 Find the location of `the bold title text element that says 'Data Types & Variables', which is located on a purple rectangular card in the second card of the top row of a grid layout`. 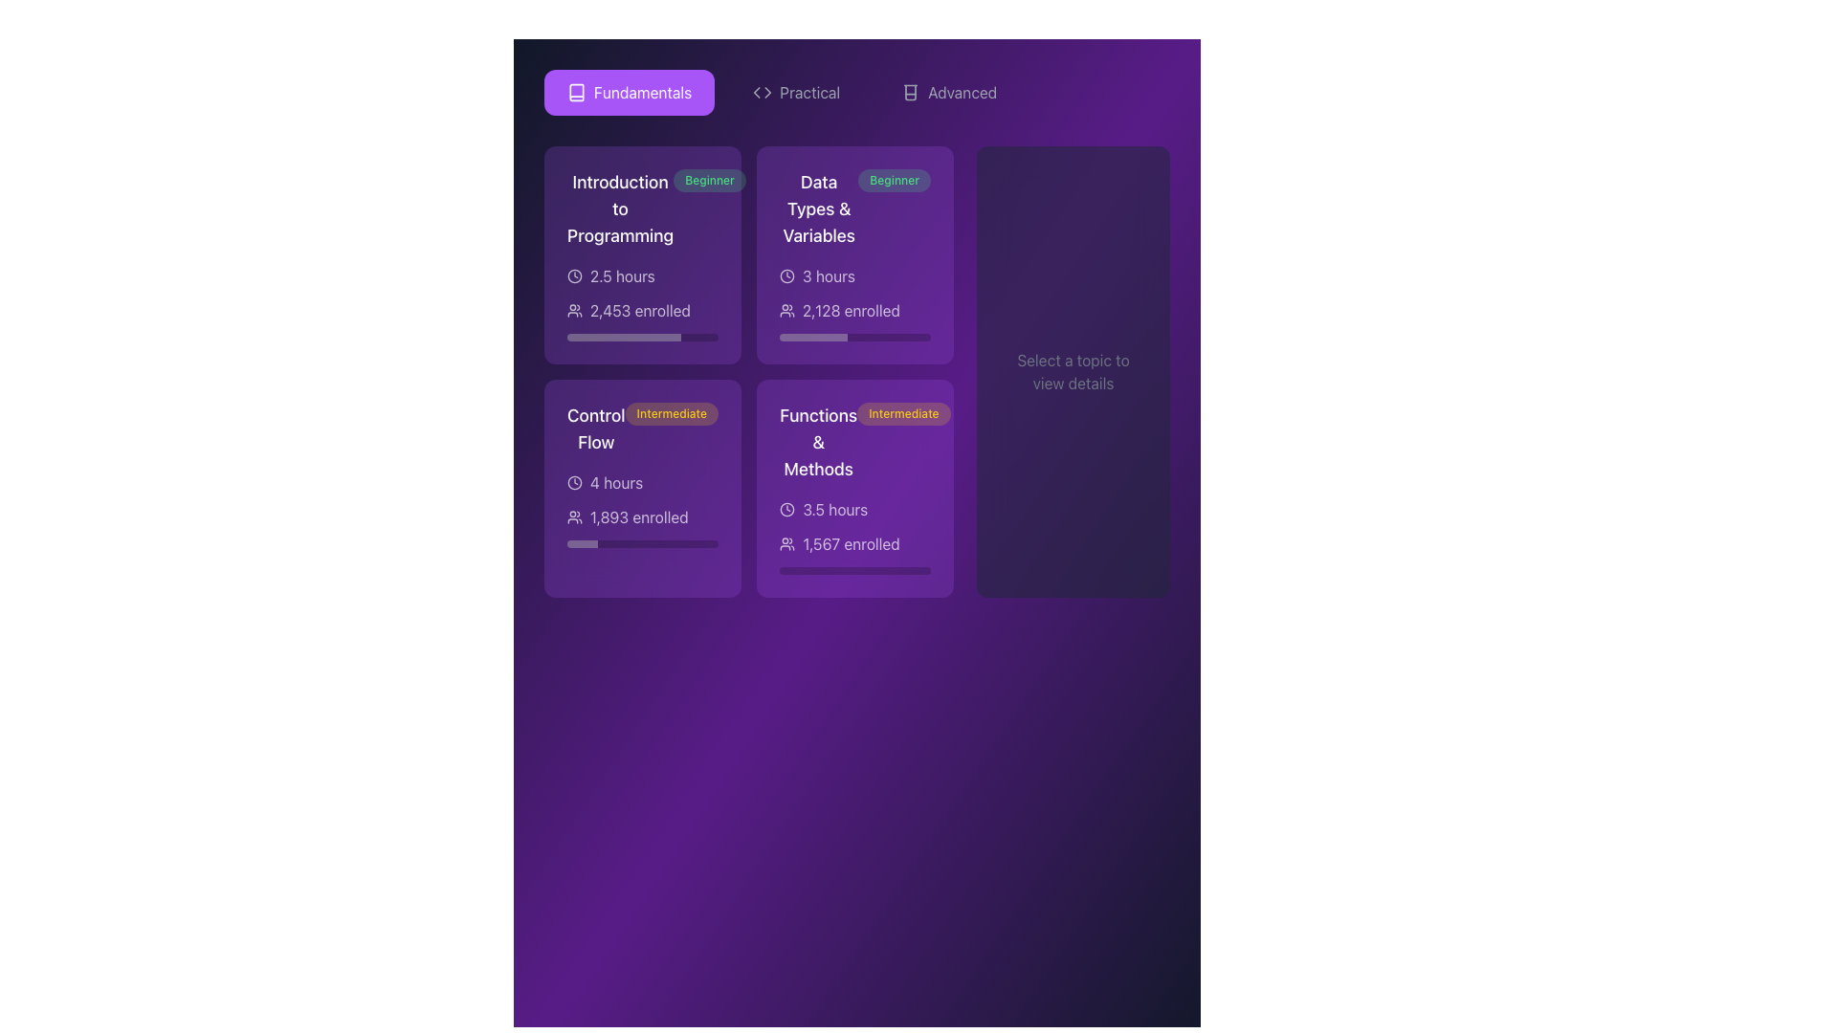

the bold title text element that says 'Data Types & Variables', which is located on a purple rectangular card in the second card of the top row of a grid layout is located at coordinates (819, 209).